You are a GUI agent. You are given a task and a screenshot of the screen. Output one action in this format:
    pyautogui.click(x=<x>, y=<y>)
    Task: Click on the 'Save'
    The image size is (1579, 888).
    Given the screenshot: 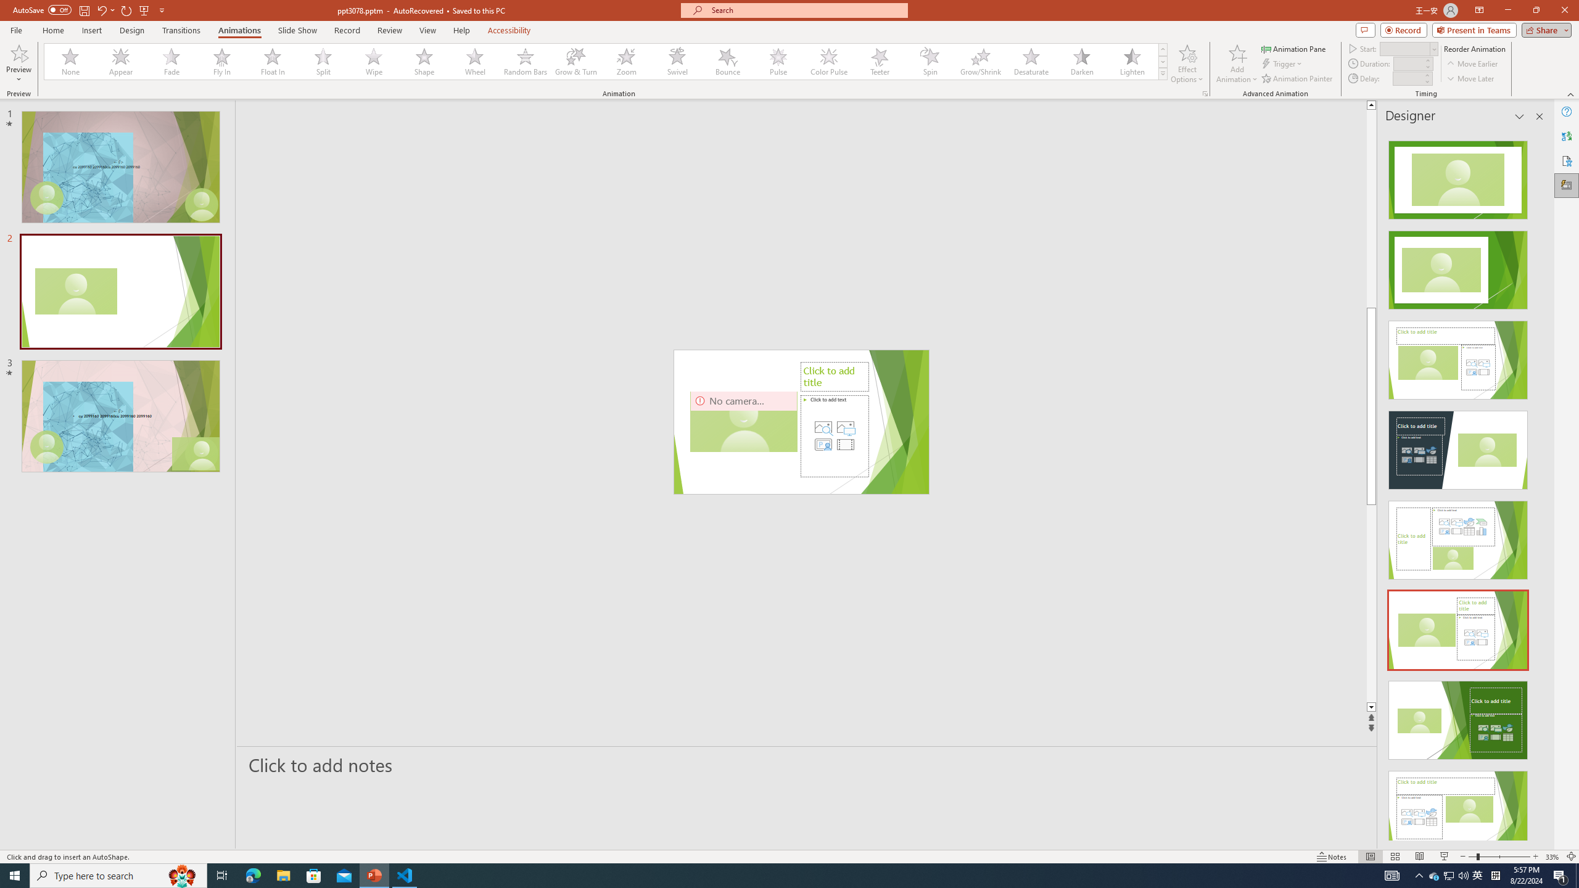 What is the action you would take?
    pyautogui.click(x=83, y=9)
    